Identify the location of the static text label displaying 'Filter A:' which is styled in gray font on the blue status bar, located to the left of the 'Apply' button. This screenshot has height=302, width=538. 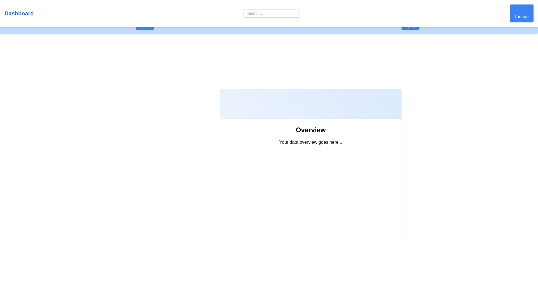
(126, 26).